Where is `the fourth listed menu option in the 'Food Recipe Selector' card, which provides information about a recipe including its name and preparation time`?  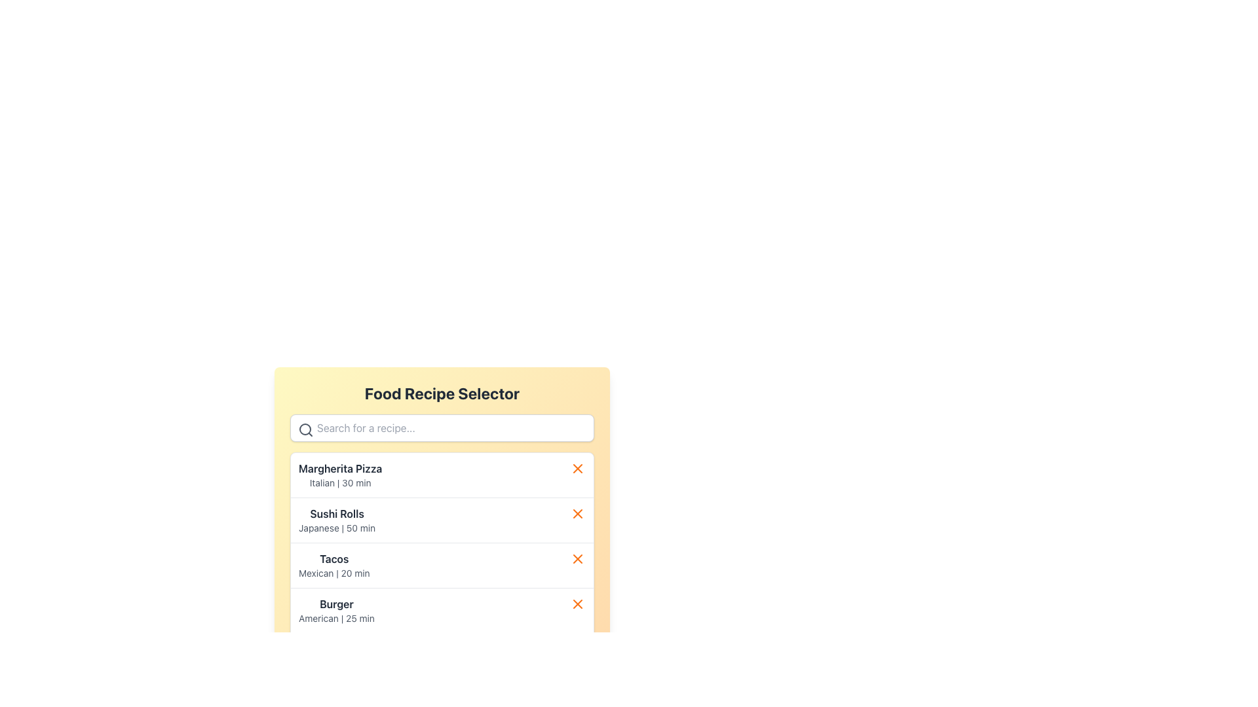
the fourth listed menu option in the 'Food Recipe Selector' card, which provides information about a recipe including its name and preparation time is located at coordinates (336, 611).